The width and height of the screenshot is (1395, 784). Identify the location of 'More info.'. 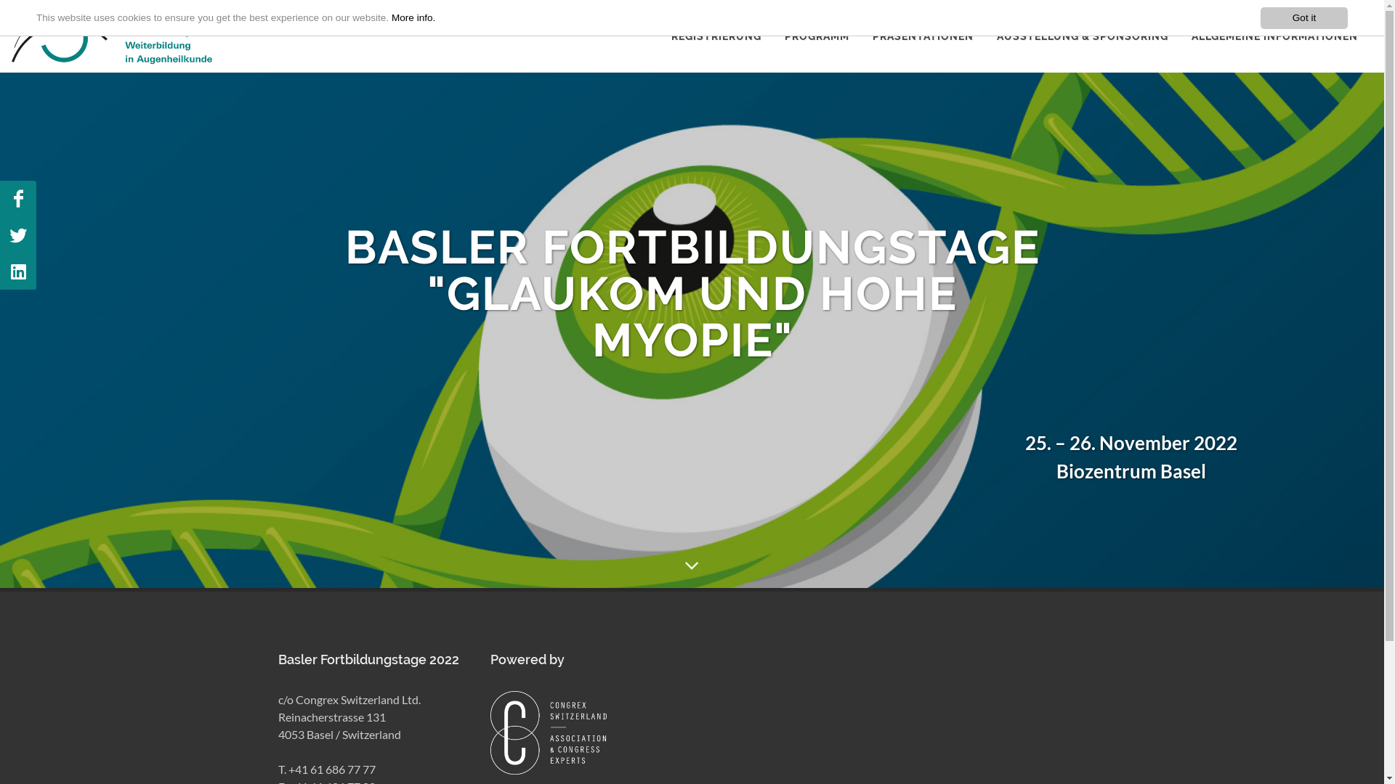
(391, 17).